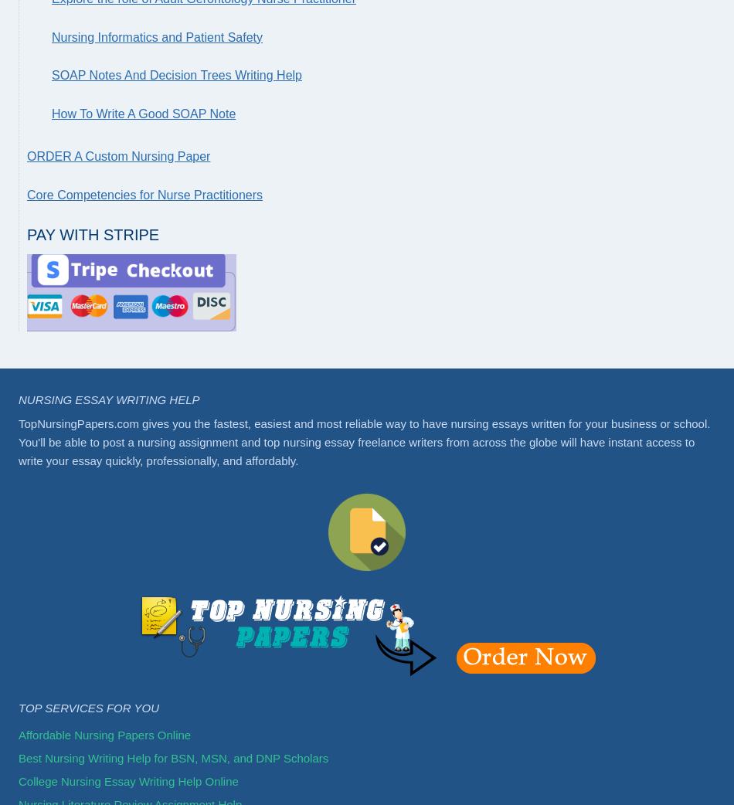  What do you see at coordinates (173, 757) in the screenshot?
I see `'Best Nursing Writing Help for BSN, MSN, and DNP Scholars'` at bounding box center [173, 757].